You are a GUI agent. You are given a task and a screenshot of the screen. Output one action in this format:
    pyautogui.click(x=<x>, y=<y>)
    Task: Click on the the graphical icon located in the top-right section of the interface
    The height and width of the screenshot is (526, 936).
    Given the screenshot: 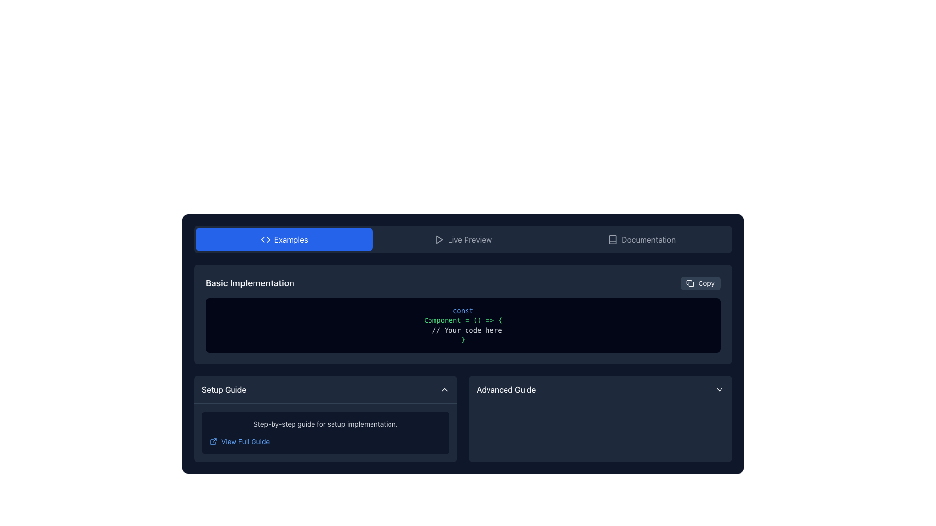 What is the action you would take?
    pyautogui.click(x=612, y=240)
    